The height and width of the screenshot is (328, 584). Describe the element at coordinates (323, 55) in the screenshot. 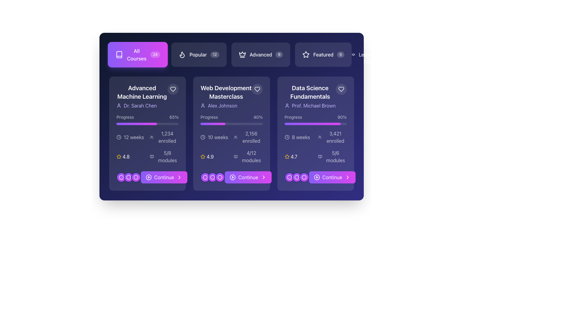

I see `the button labeled 'Featured' which has a white star icon and a badge showing the count '6' to trigger a visual effect indicating interactivity` at that location.